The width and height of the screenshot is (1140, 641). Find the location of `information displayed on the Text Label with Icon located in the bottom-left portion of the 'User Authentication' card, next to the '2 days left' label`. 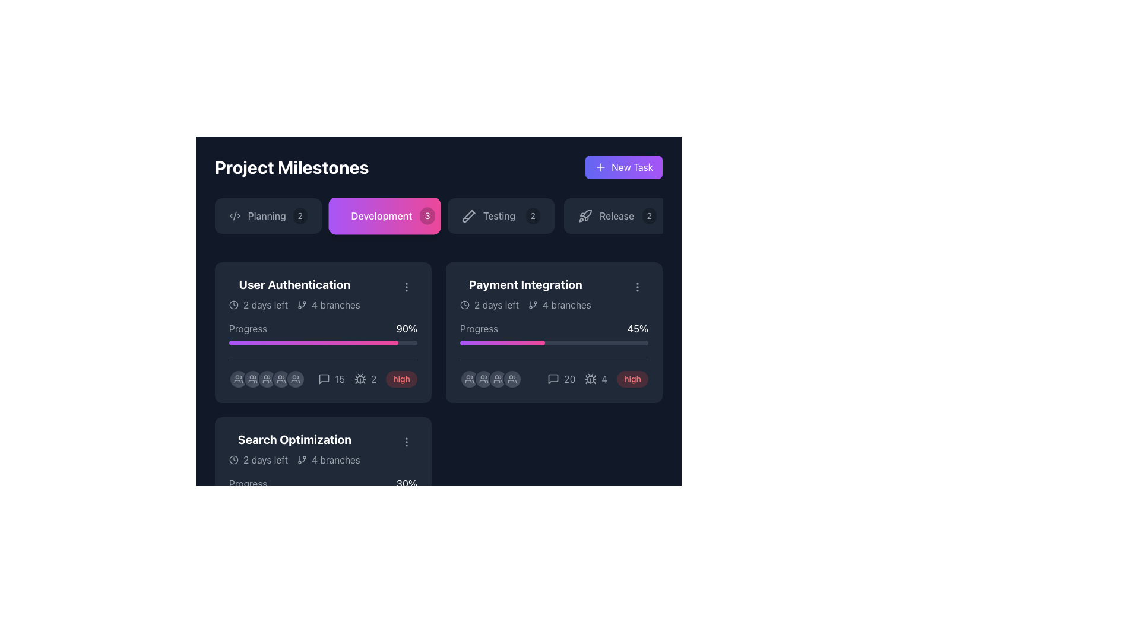

information displayed on the Text Label with Icon located in the bottom-left portion of the 'User Authentication' card, next to the '2 days left' label is located at coordinates (328, 304).